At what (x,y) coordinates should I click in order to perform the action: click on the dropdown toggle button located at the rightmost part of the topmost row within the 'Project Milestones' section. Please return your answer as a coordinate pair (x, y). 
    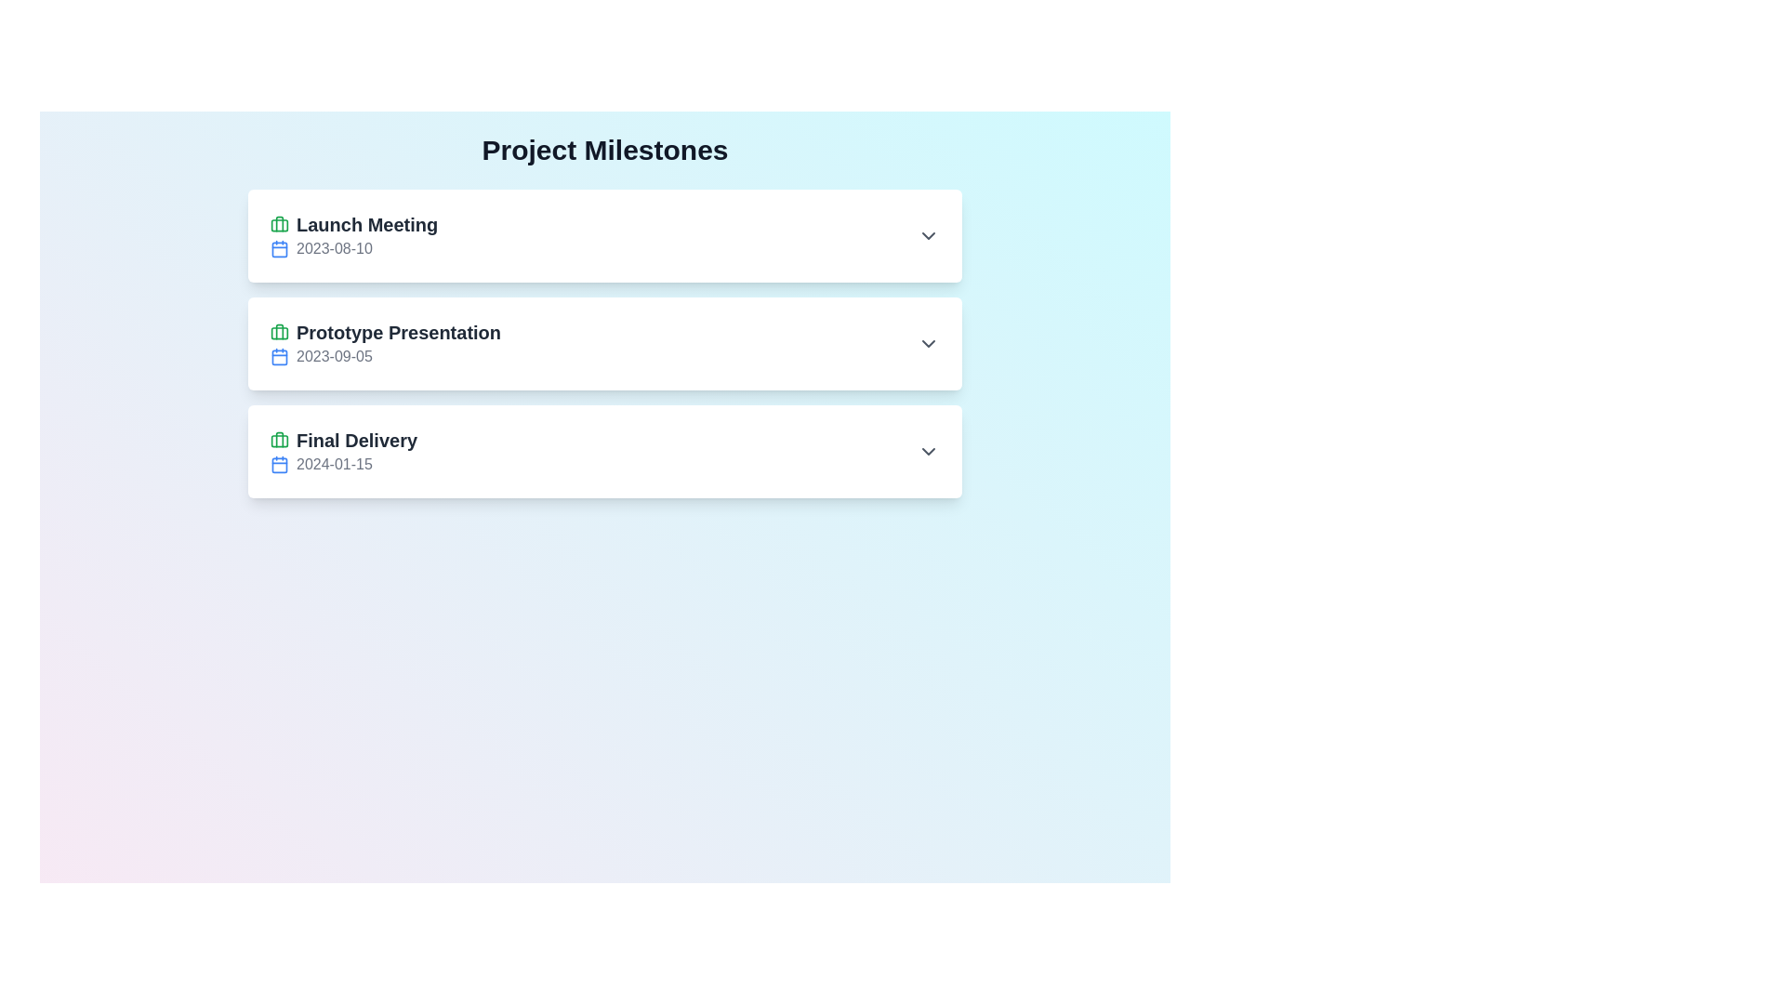
    Looking at the image, I should click on (928, 235).